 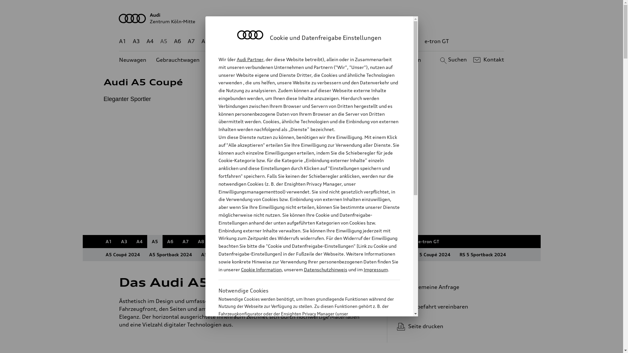 I want to click on 'A5 Cabriolet 2024', so click(x=221, y=254).